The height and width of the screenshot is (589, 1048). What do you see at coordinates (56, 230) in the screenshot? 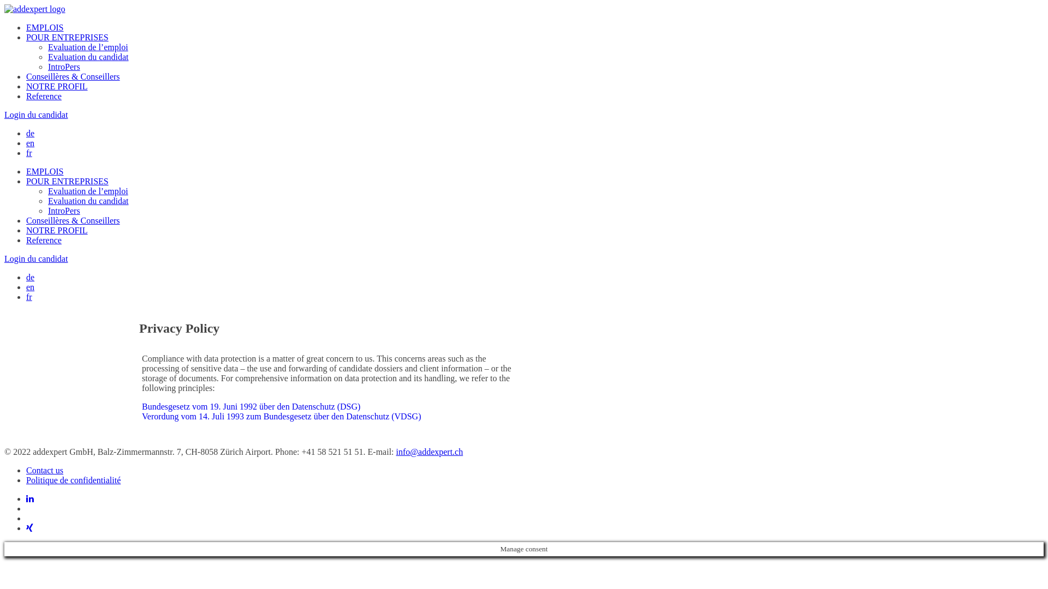
I see `'NOTRE PROFIL'` at bounding box center [56, 230].